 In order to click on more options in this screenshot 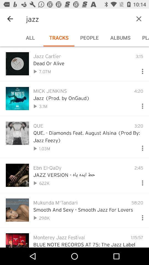, I will do `click(140, 147)`.